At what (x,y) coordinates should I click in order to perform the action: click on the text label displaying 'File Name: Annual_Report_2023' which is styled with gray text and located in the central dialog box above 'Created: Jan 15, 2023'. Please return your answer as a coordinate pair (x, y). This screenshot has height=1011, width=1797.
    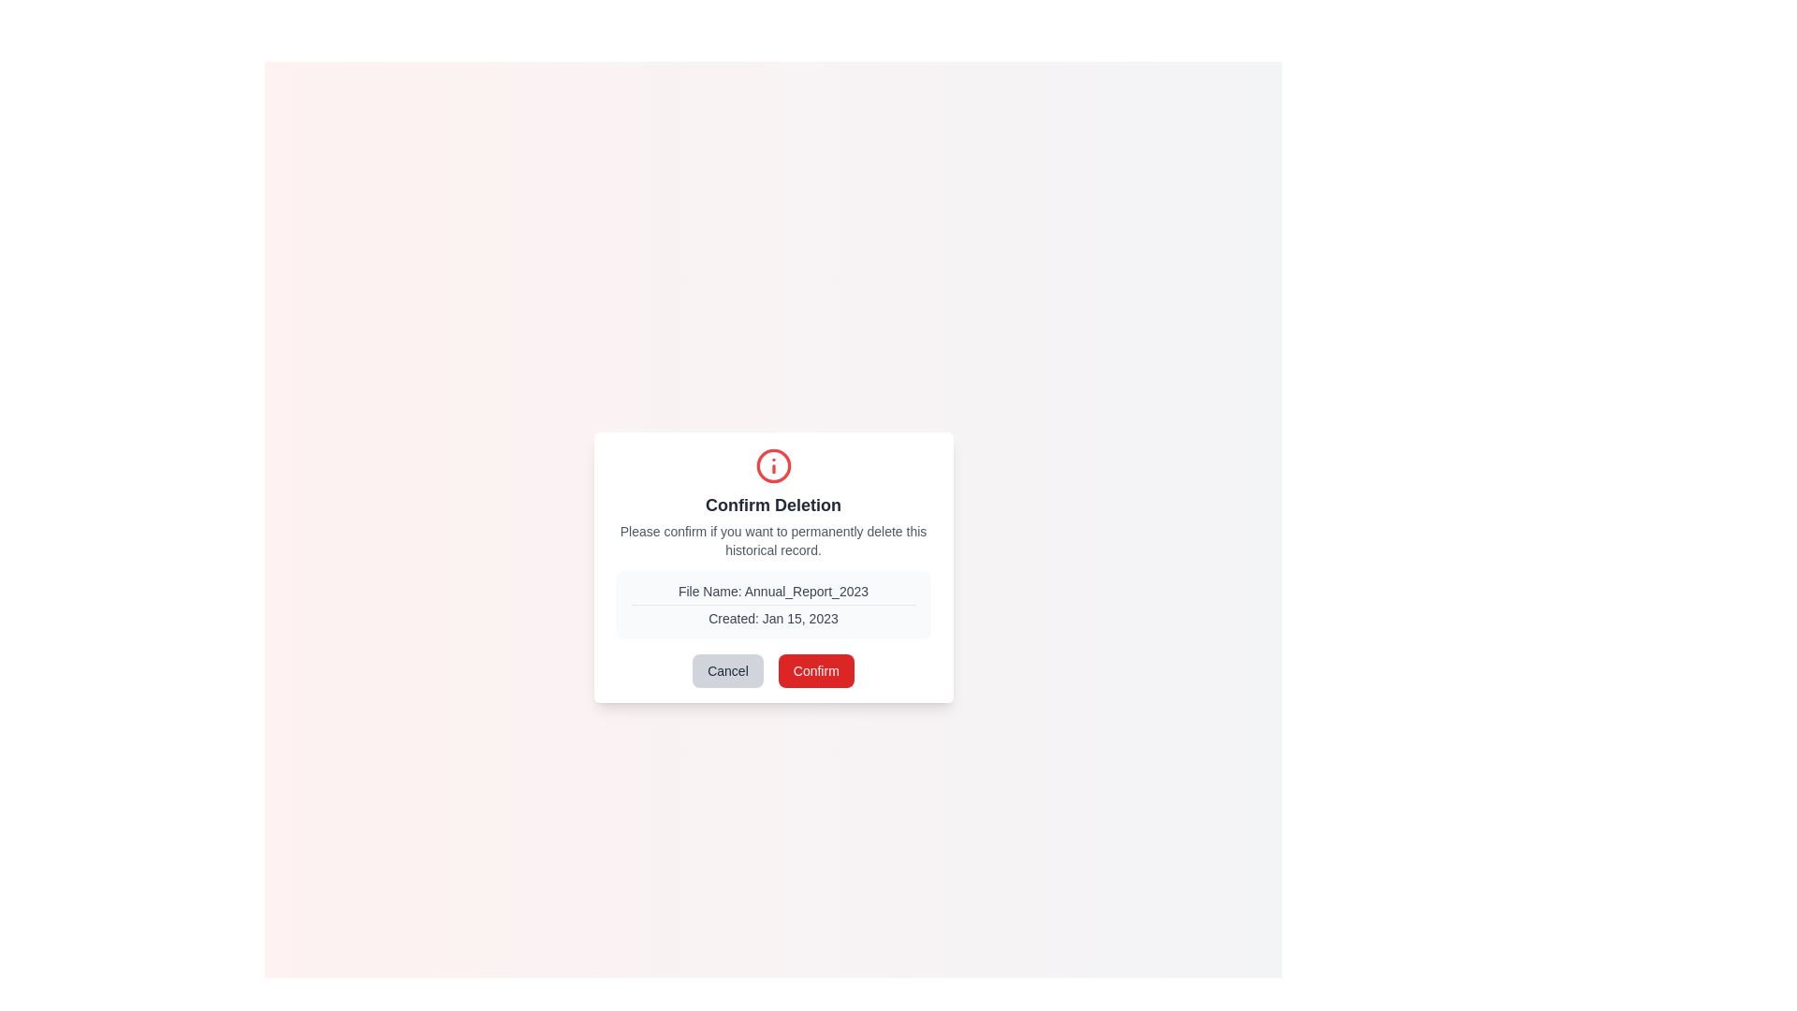
    Looking at the image, I should click on (773, 592).